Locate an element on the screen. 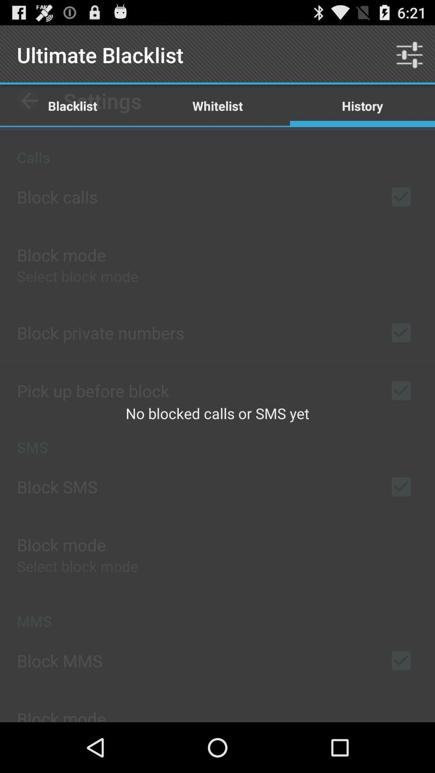 Image resolution: width=435 pixels, height=773 pixels. item next to whitelist icon is located at coordinates (410, 54).